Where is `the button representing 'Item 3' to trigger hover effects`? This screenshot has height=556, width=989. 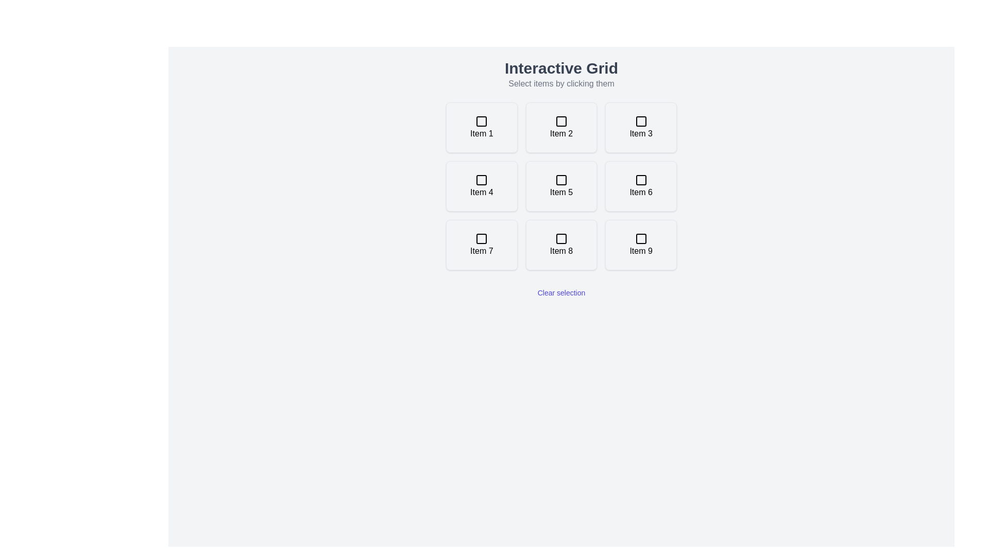
the button representing 'Item 3' to trigger hover effects is located at coordinates (640, 127).